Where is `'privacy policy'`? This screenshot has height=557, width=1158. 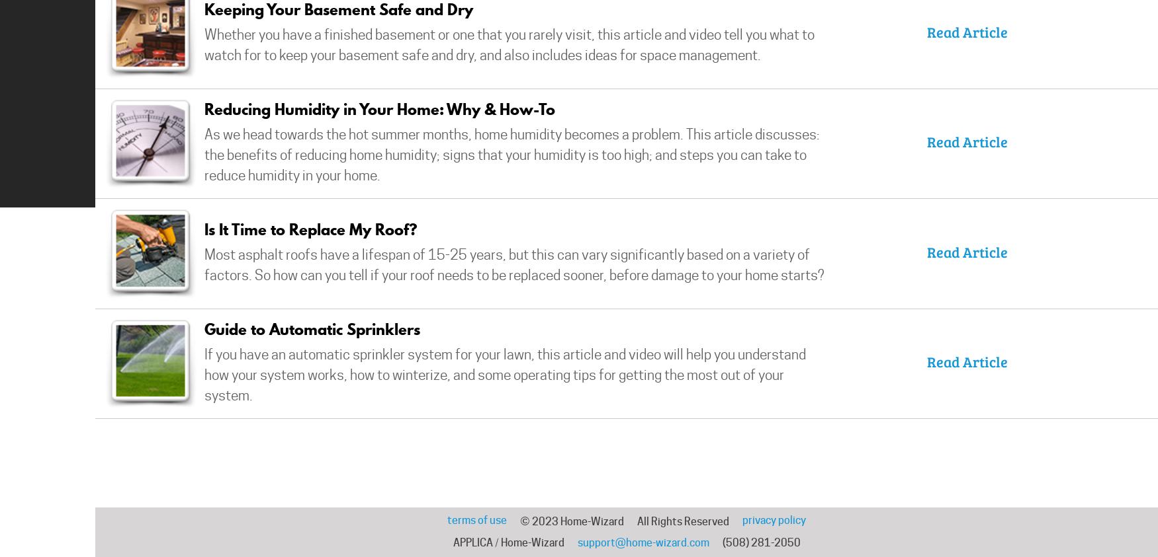
'privacy policy' is located at coordinates (742, 520).